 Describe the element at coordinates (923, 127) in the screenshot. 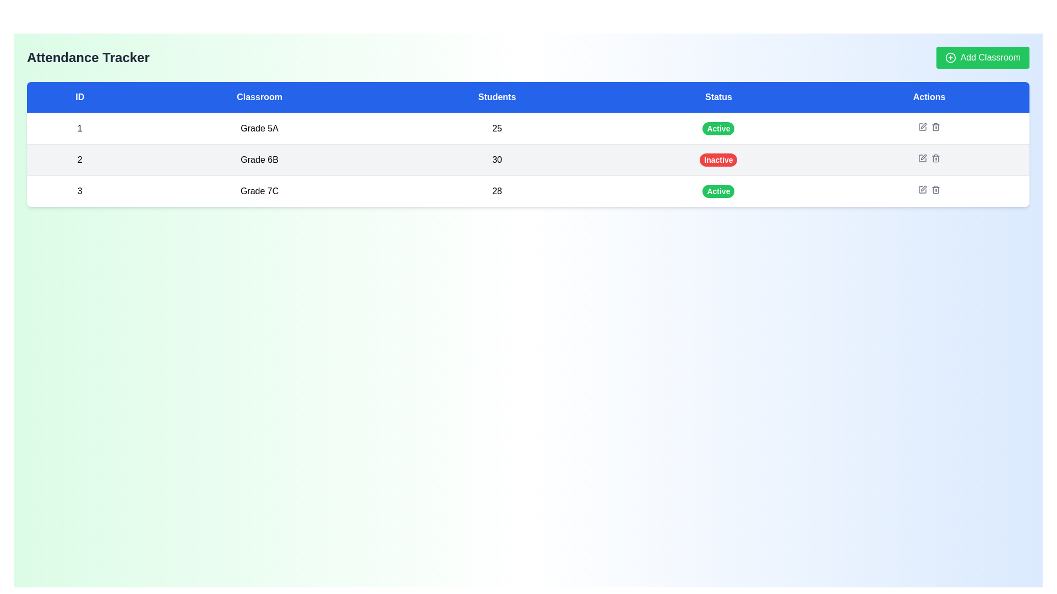

I see `the edit button located in the 'Actions' column of the first row of the table, corresponding to ID '1', to change its color` at that location.